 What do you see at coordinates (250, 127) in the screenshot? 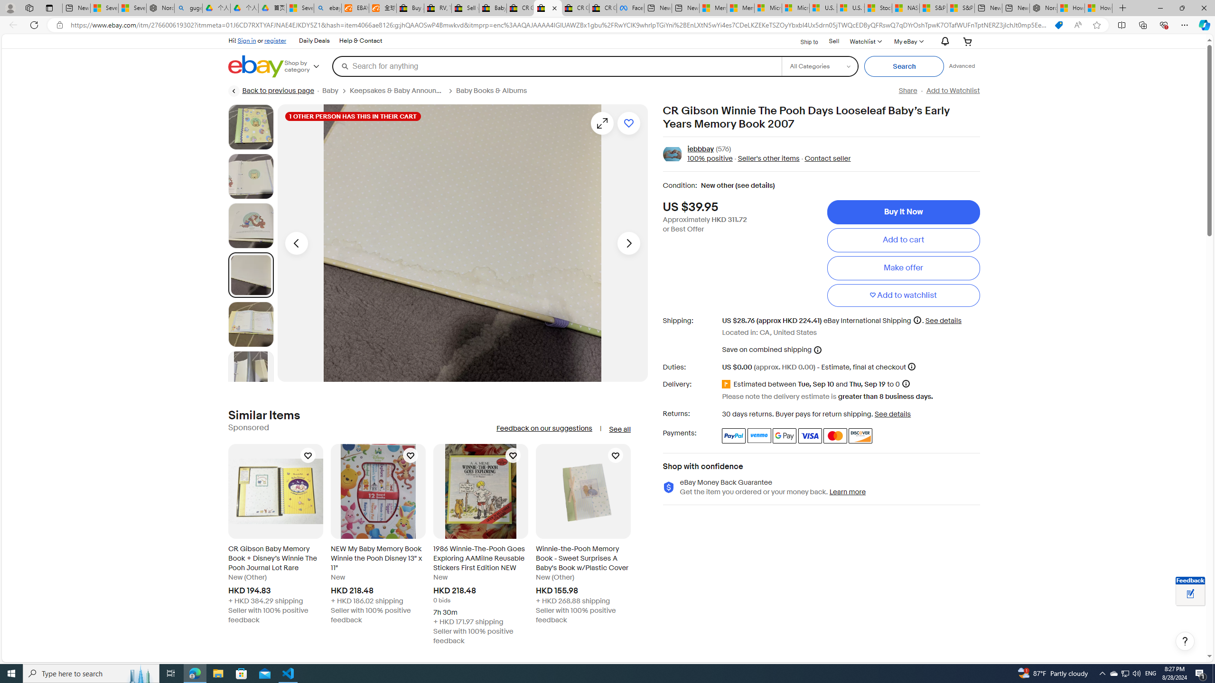
I see `'Picture 1 of 22'` at bounding box center [250, 127].